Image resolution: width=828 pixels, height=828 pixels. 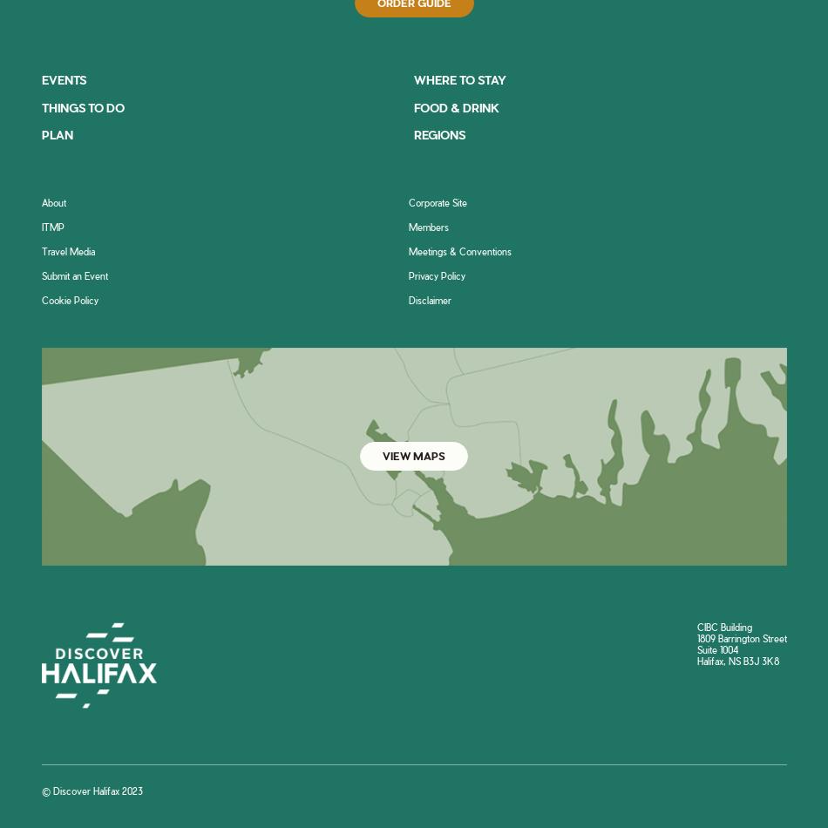 What do you see at coordinates (82, 106) in the screenshot?
I see `'Things To Do'` at bounding box center [82, 106].